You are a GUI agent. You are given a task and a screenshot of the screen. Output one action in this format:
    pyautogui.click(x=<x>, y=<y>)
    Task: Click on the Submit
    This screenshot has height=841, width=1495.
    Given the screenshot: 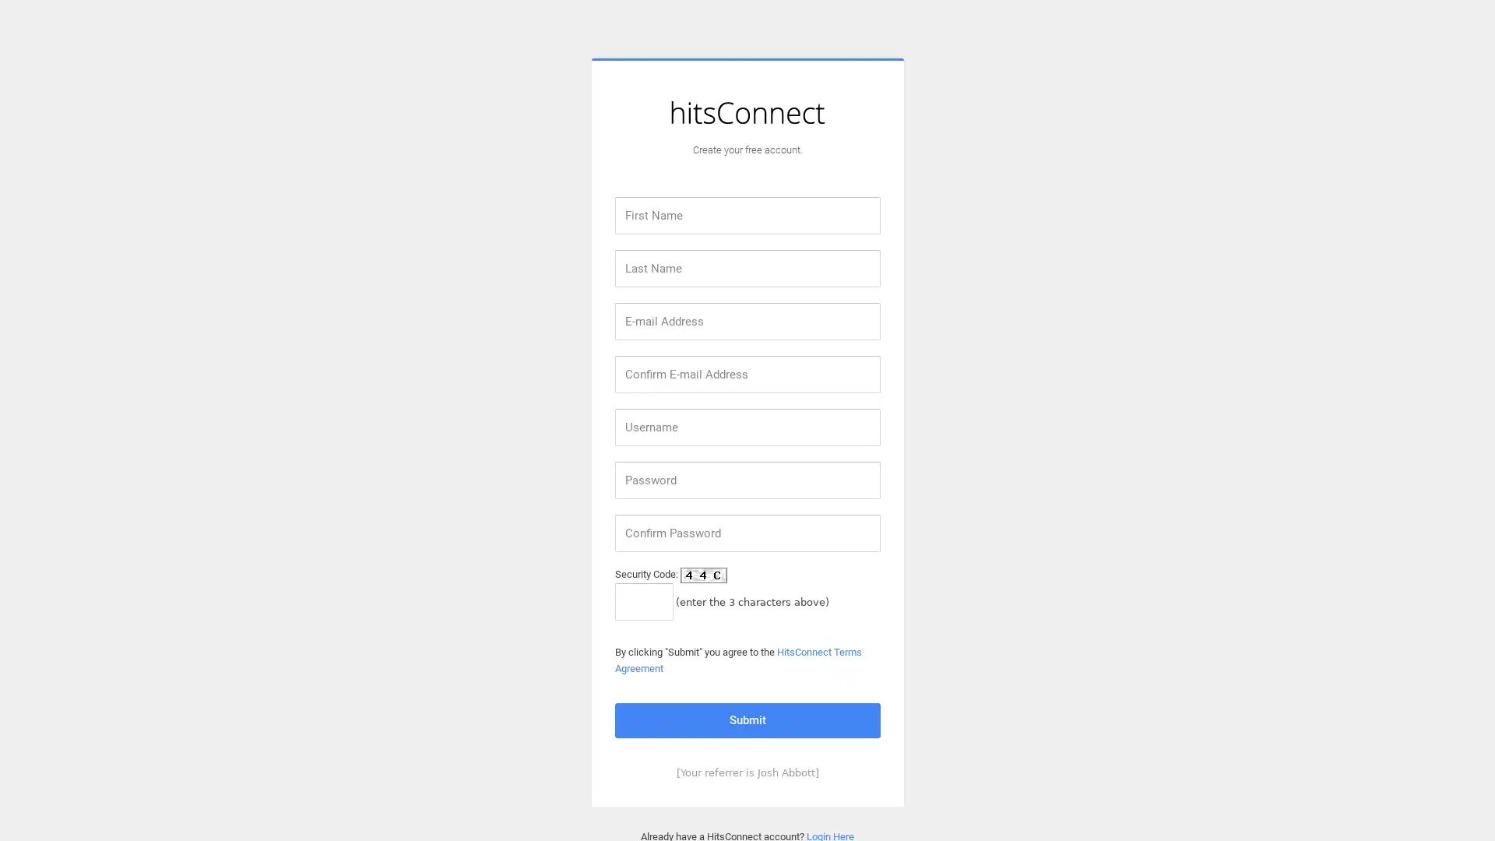 What is the action you would take?
    pyautogui.click(x=746, y=720)
    